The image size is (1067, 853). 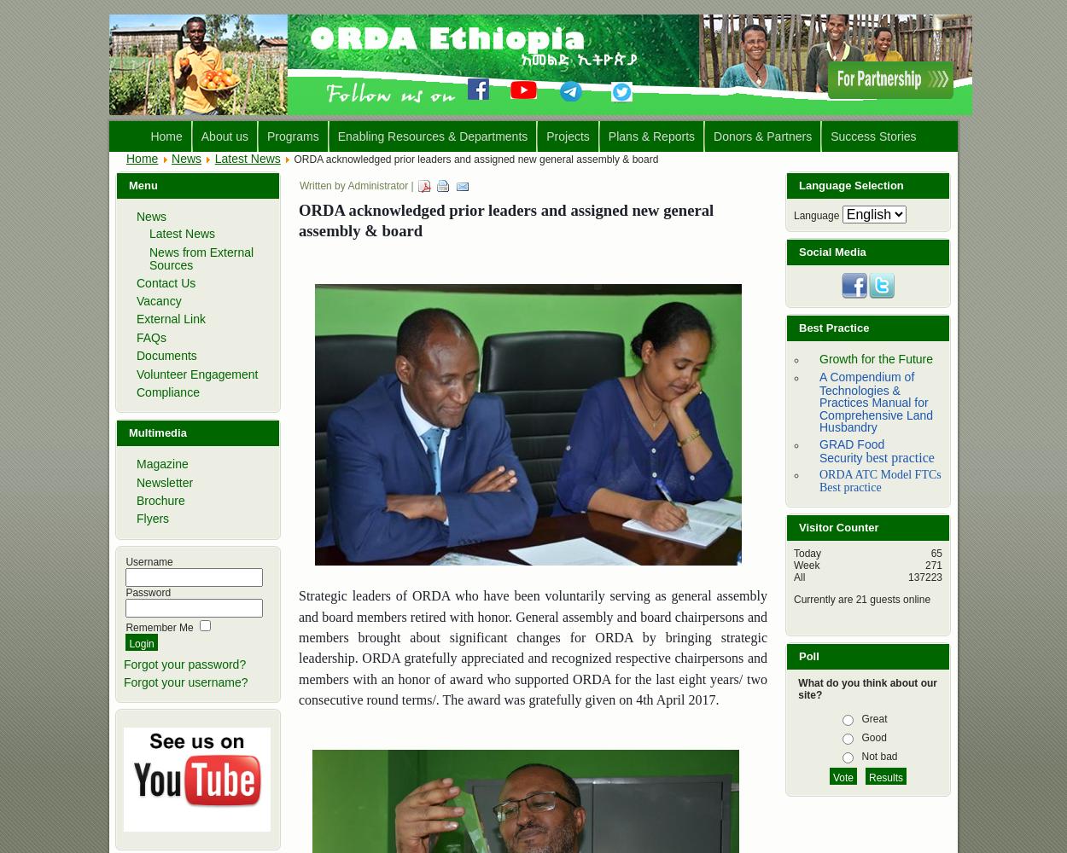 What do you see at coordinates (642, 200) in the screenshot?
I see `'Plan archive'` at bounding box center [642, 200].